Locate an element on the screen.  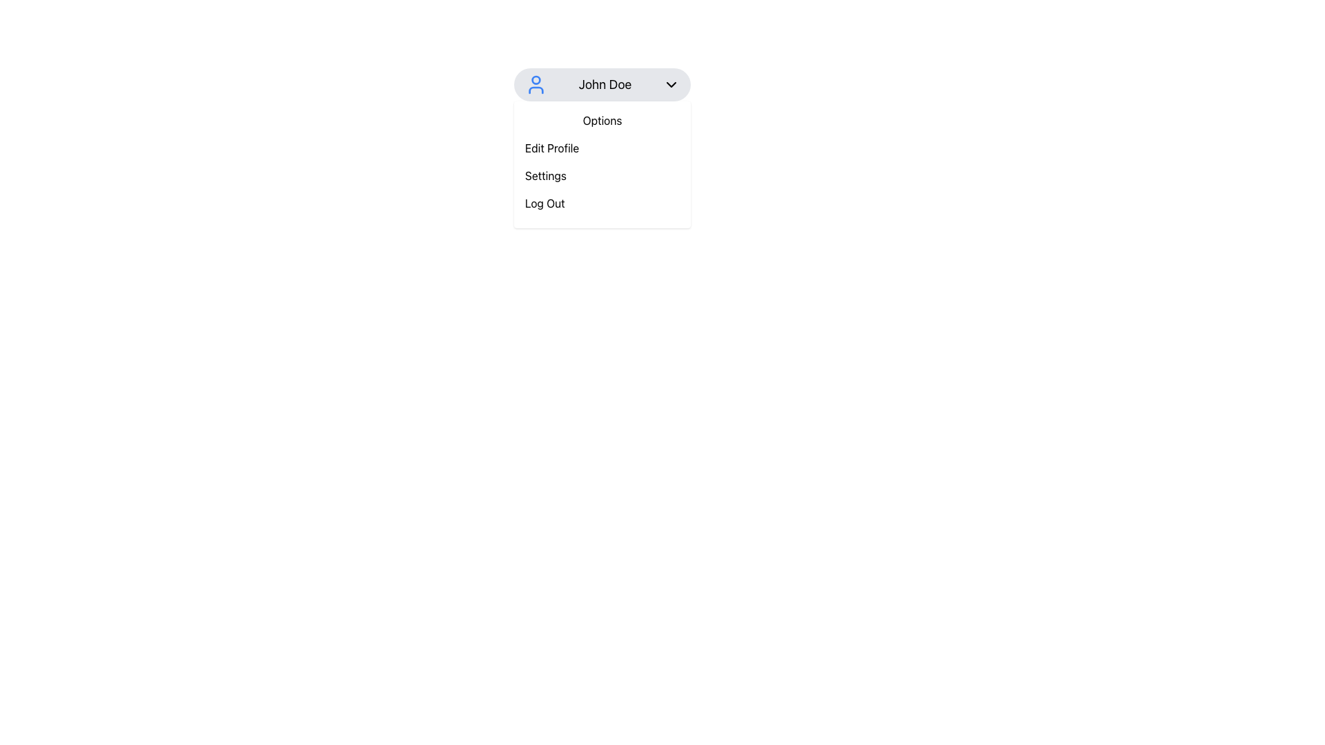
the 'Edit Profile' button located in the dropdown menu under the 'Options' section is located at coordinates (602, 148).